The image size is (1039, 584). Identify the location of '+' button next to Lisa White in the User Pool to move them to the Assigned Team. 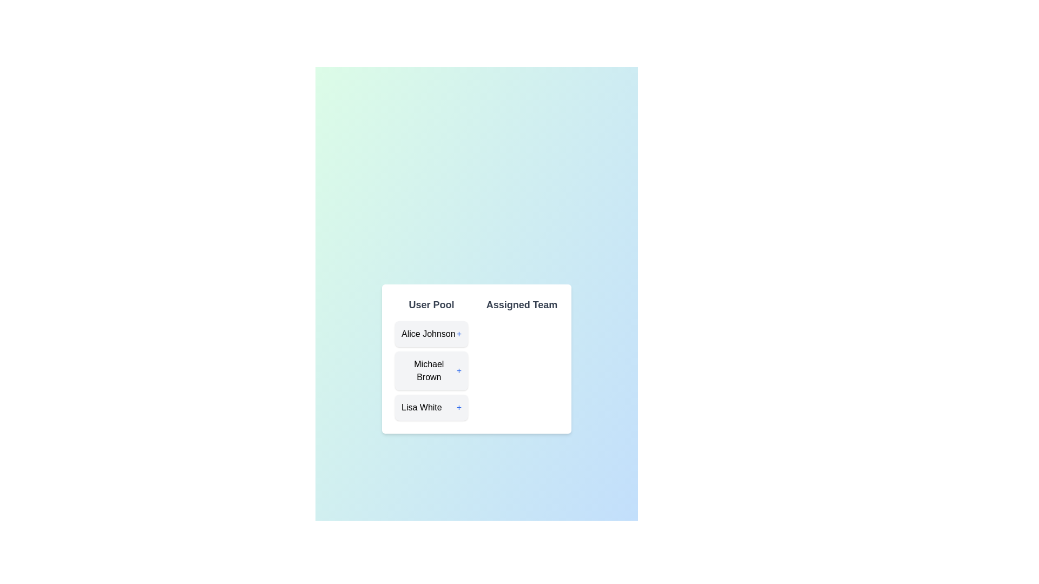
(459, 407).